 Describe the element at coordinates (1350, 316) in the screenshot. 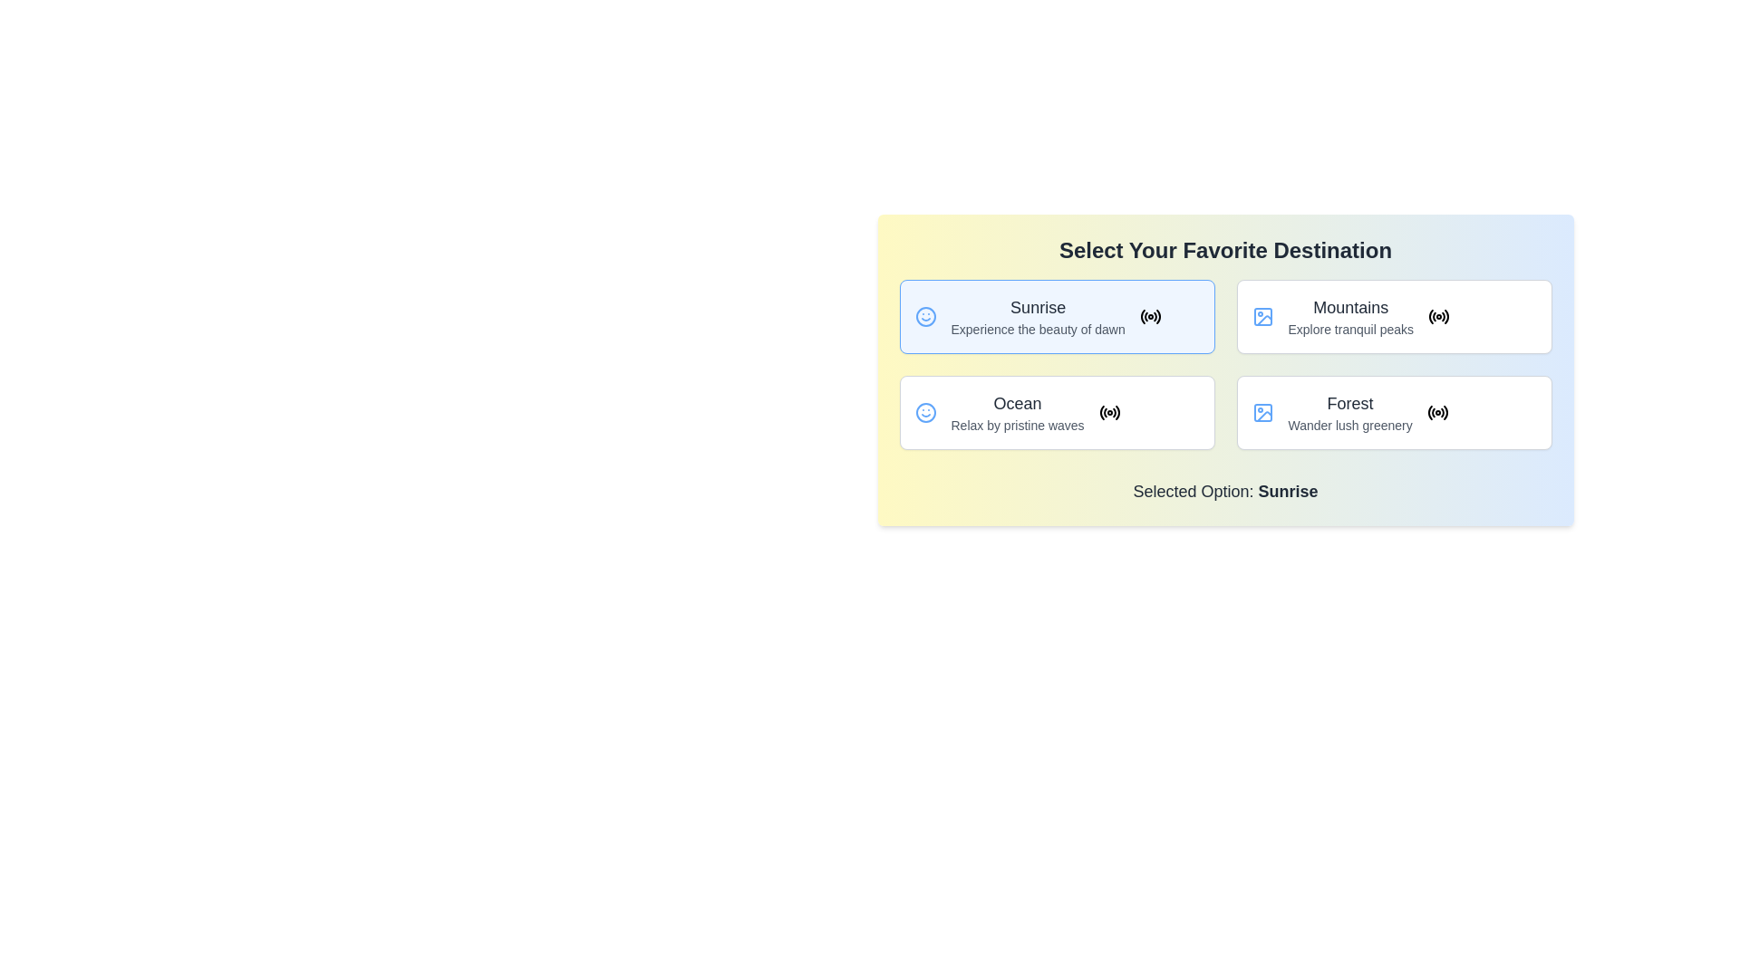

I see `the 'Mountains' text label within the selectable option card located in the middle-right section of the interface` at that location.